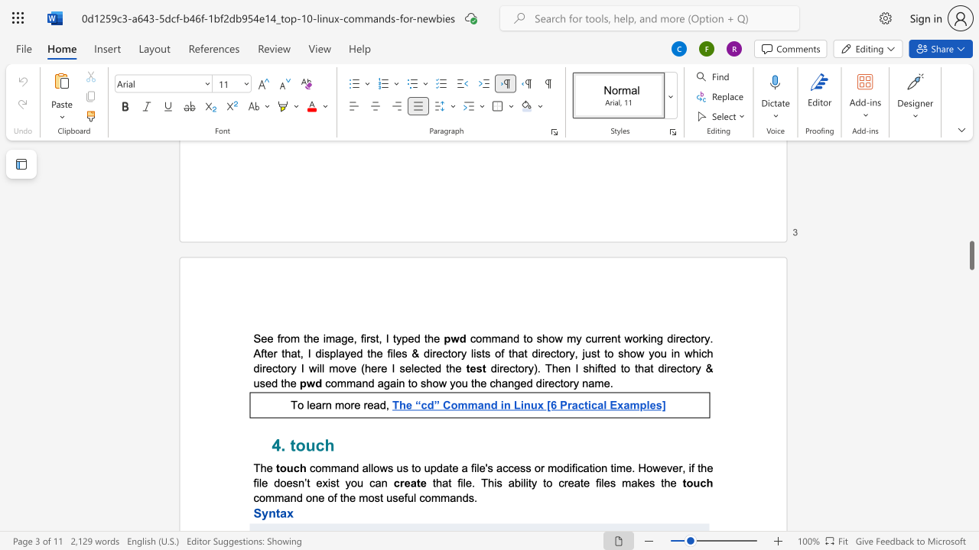  What do you see at coordinates (971, 206) in the screenshot?
I see `the scrollbar on the right` at bounding box center [971, 206].